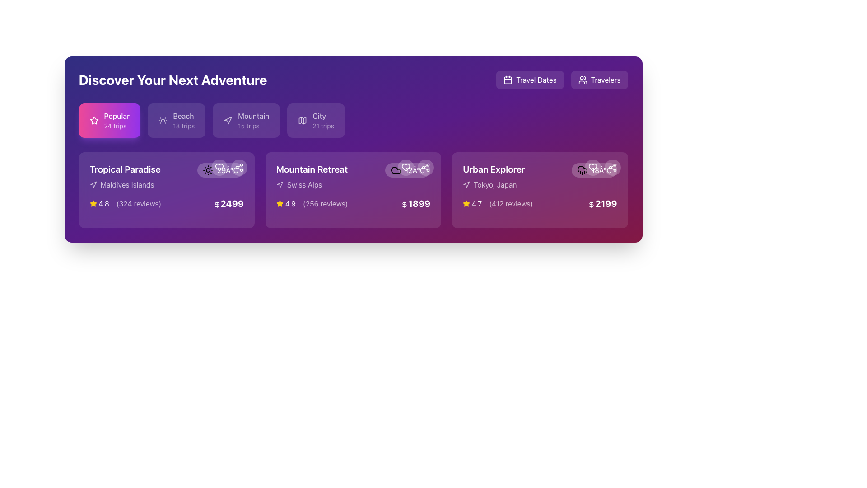 The height and width of the screenshot is (488, 867). Describe the element at coordinates (312, 169) in the screenshot. I see `the text label reading 'Mountain Retreat', which is prominently styled in bold white font and serves as a heading for the card above 'Swiss Alps'` at that location.